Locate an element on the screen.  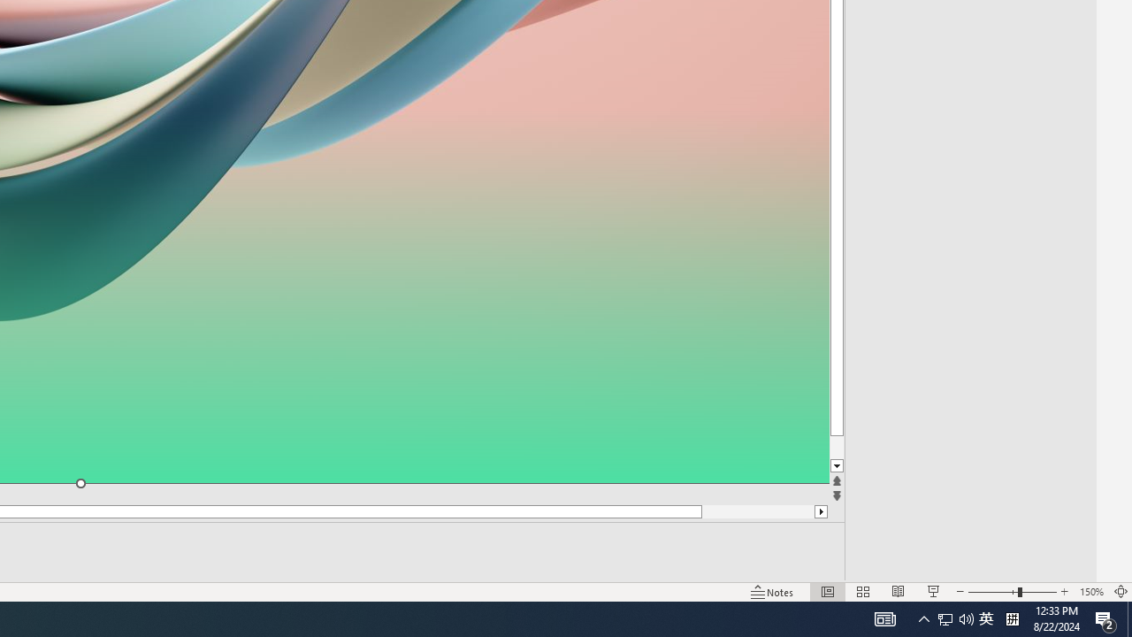
'AutomationID: 4105' is located at coordinates (884, 618).